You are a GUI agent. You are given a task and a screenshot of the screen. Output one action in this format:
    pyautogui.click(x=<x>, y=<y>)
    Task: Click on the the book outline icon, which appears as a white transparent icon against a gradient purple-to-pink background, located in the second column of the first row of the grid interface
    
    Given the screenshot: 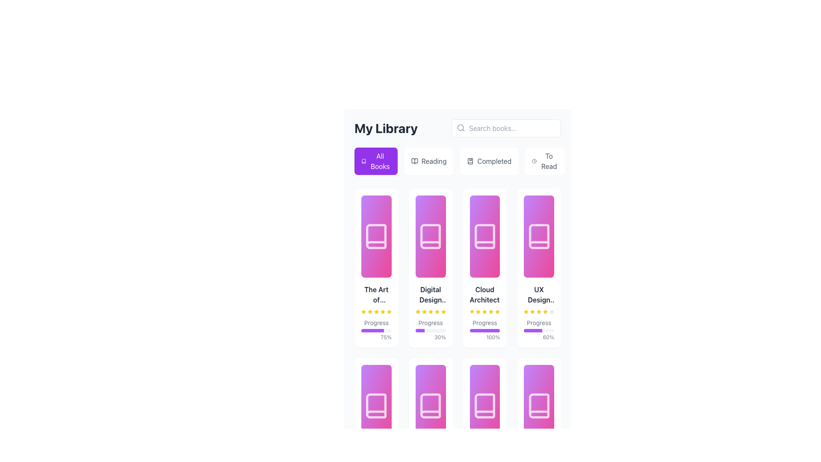 What is the action you would take?
    pyautogui.click(x=431, y=236)
    